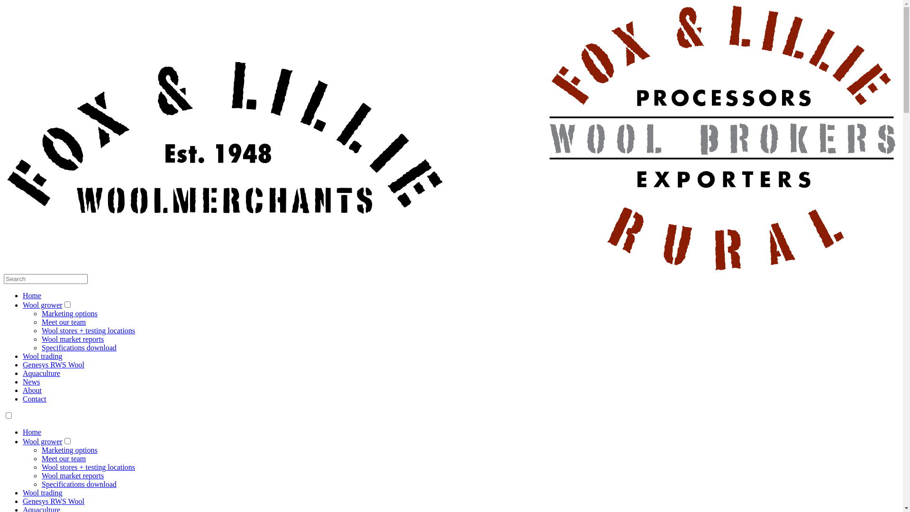  Describe the element at coordinates (88, 466) in the screenshot. I see `'Wool stores + testing locations'` at that location.